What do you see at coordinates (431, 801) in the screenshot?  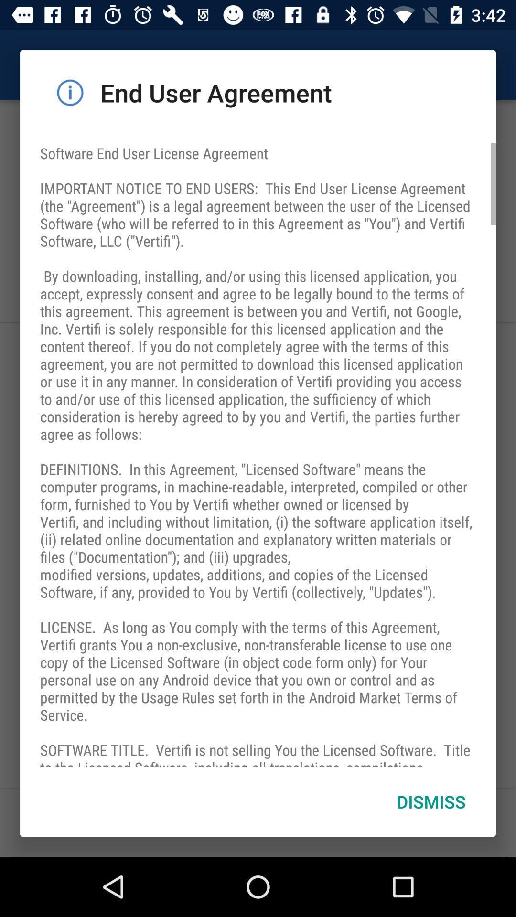 I see `item at the bottom right corner` at bounding box center [431, 801].